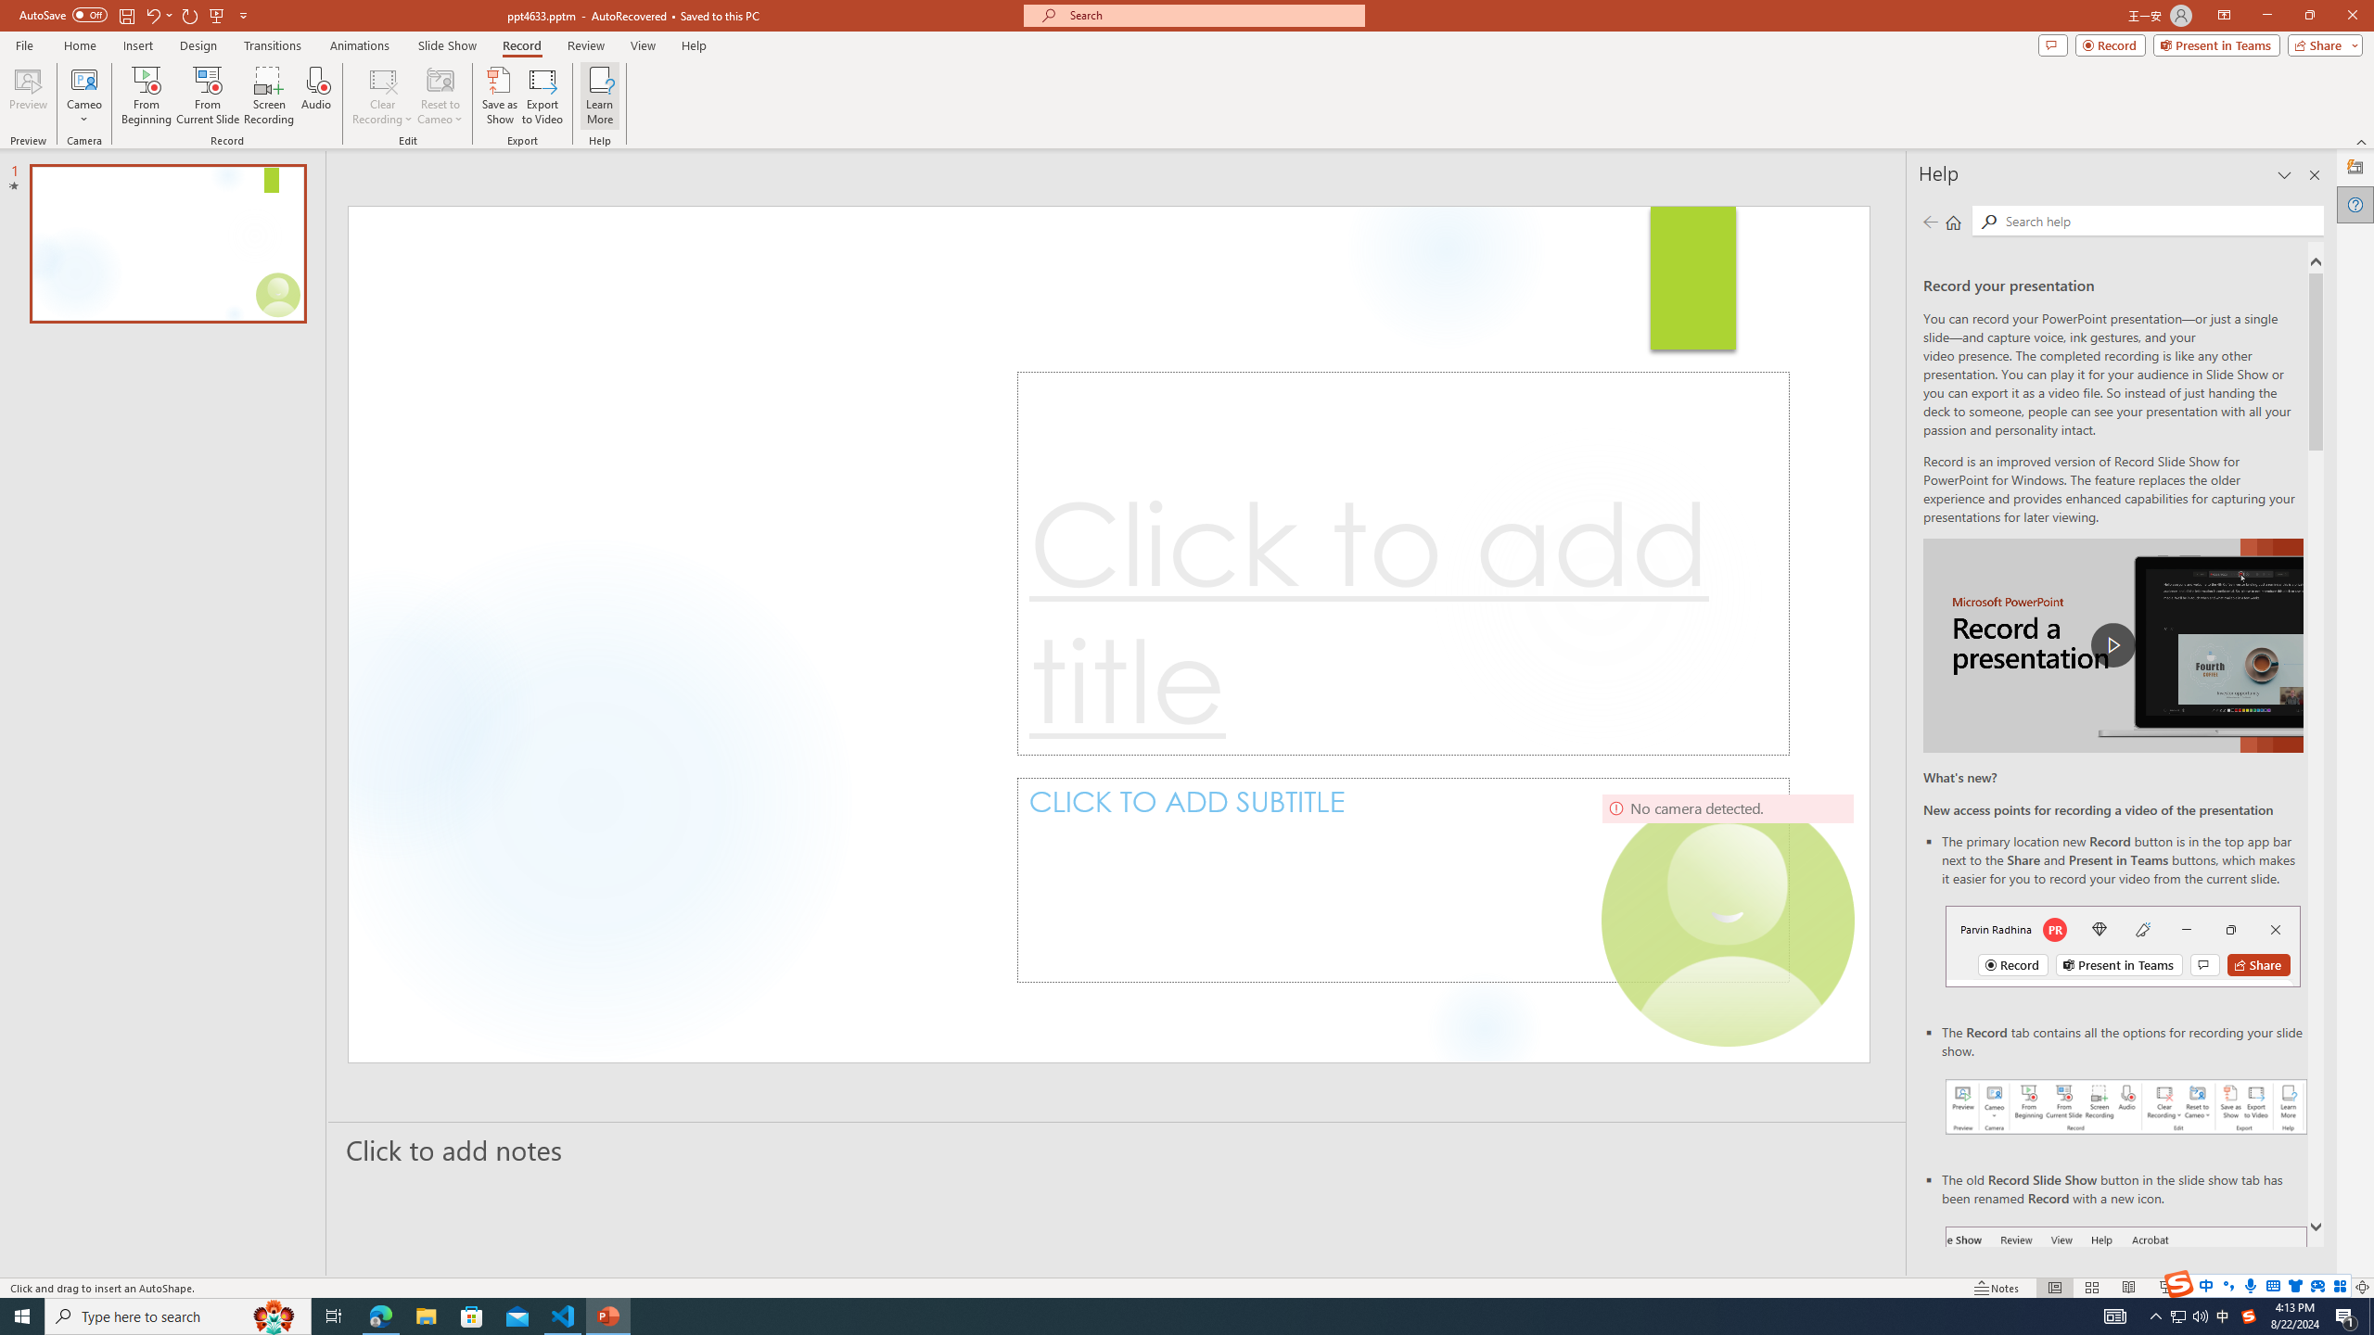  Describe the element at coordinates (499, 95) in the screenshot. I see `'Save as Show'` at that location.